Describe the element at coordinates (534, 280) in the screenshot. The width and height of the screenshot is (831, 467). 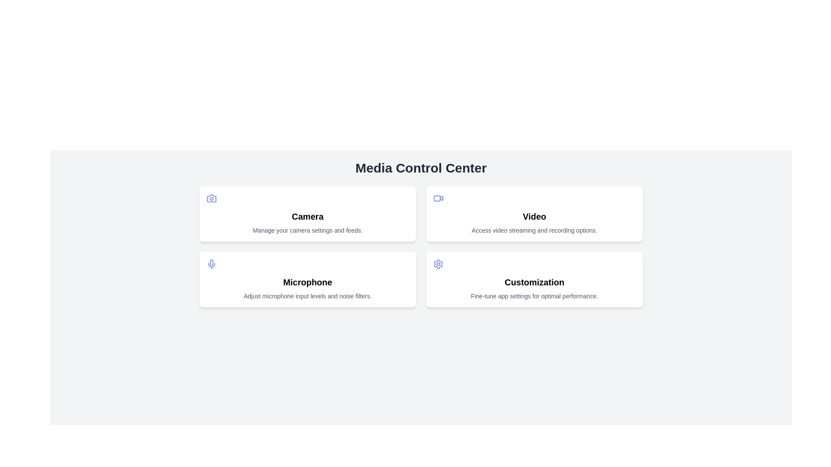
I see `the Card Component located in the bottom-right corner of the grid layout, which functions as a navigation or information card for customizing app settings` at that location.